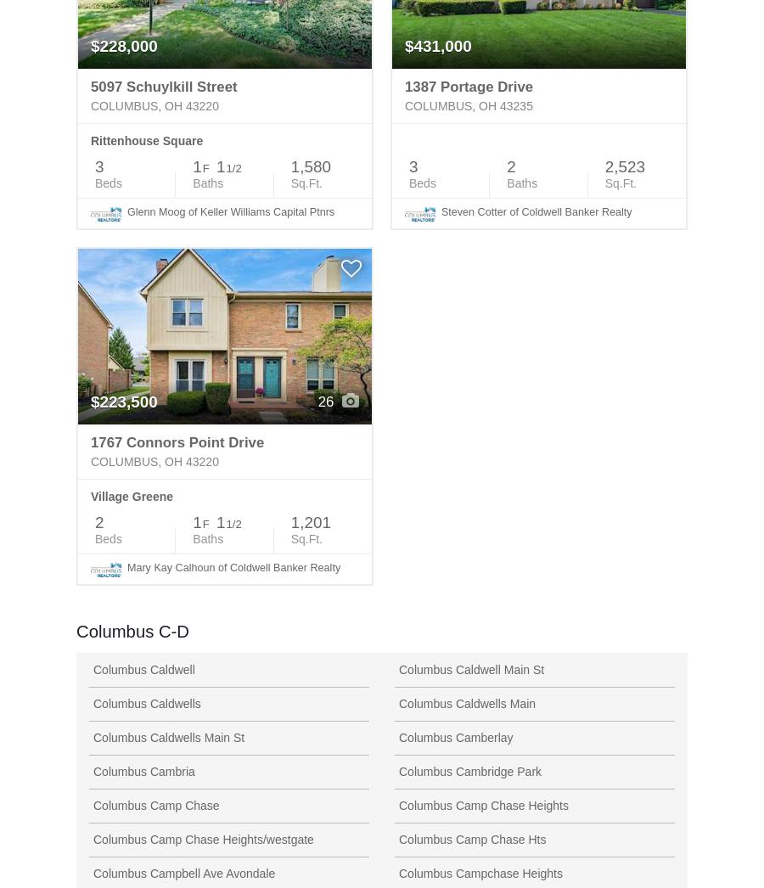 This screenshot has width=764, height=888. Describe the element at coordinates (471, 838) in the screenshot. I see `'Columbus Camp Chase Hts'` at that location.